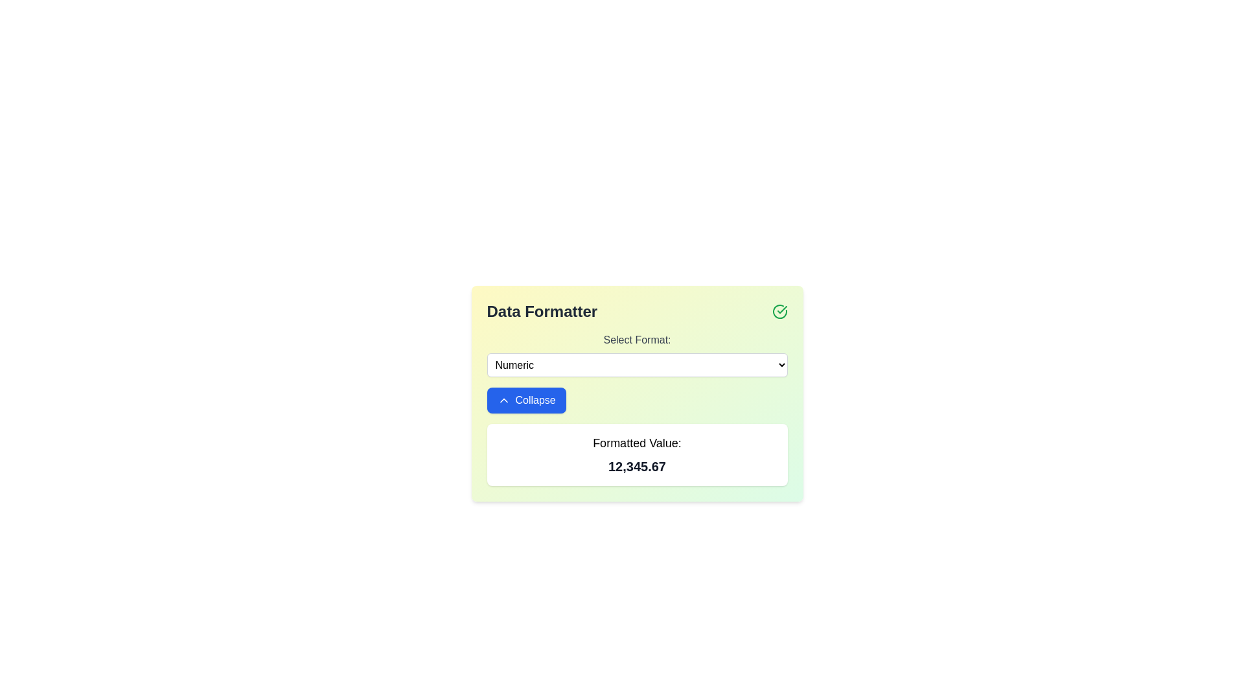 This screenshot has width=1244, height=700. I want to click on the text label that serves as a heading for the numerical value displayed below it, providing context for that value, so click(637, 442).